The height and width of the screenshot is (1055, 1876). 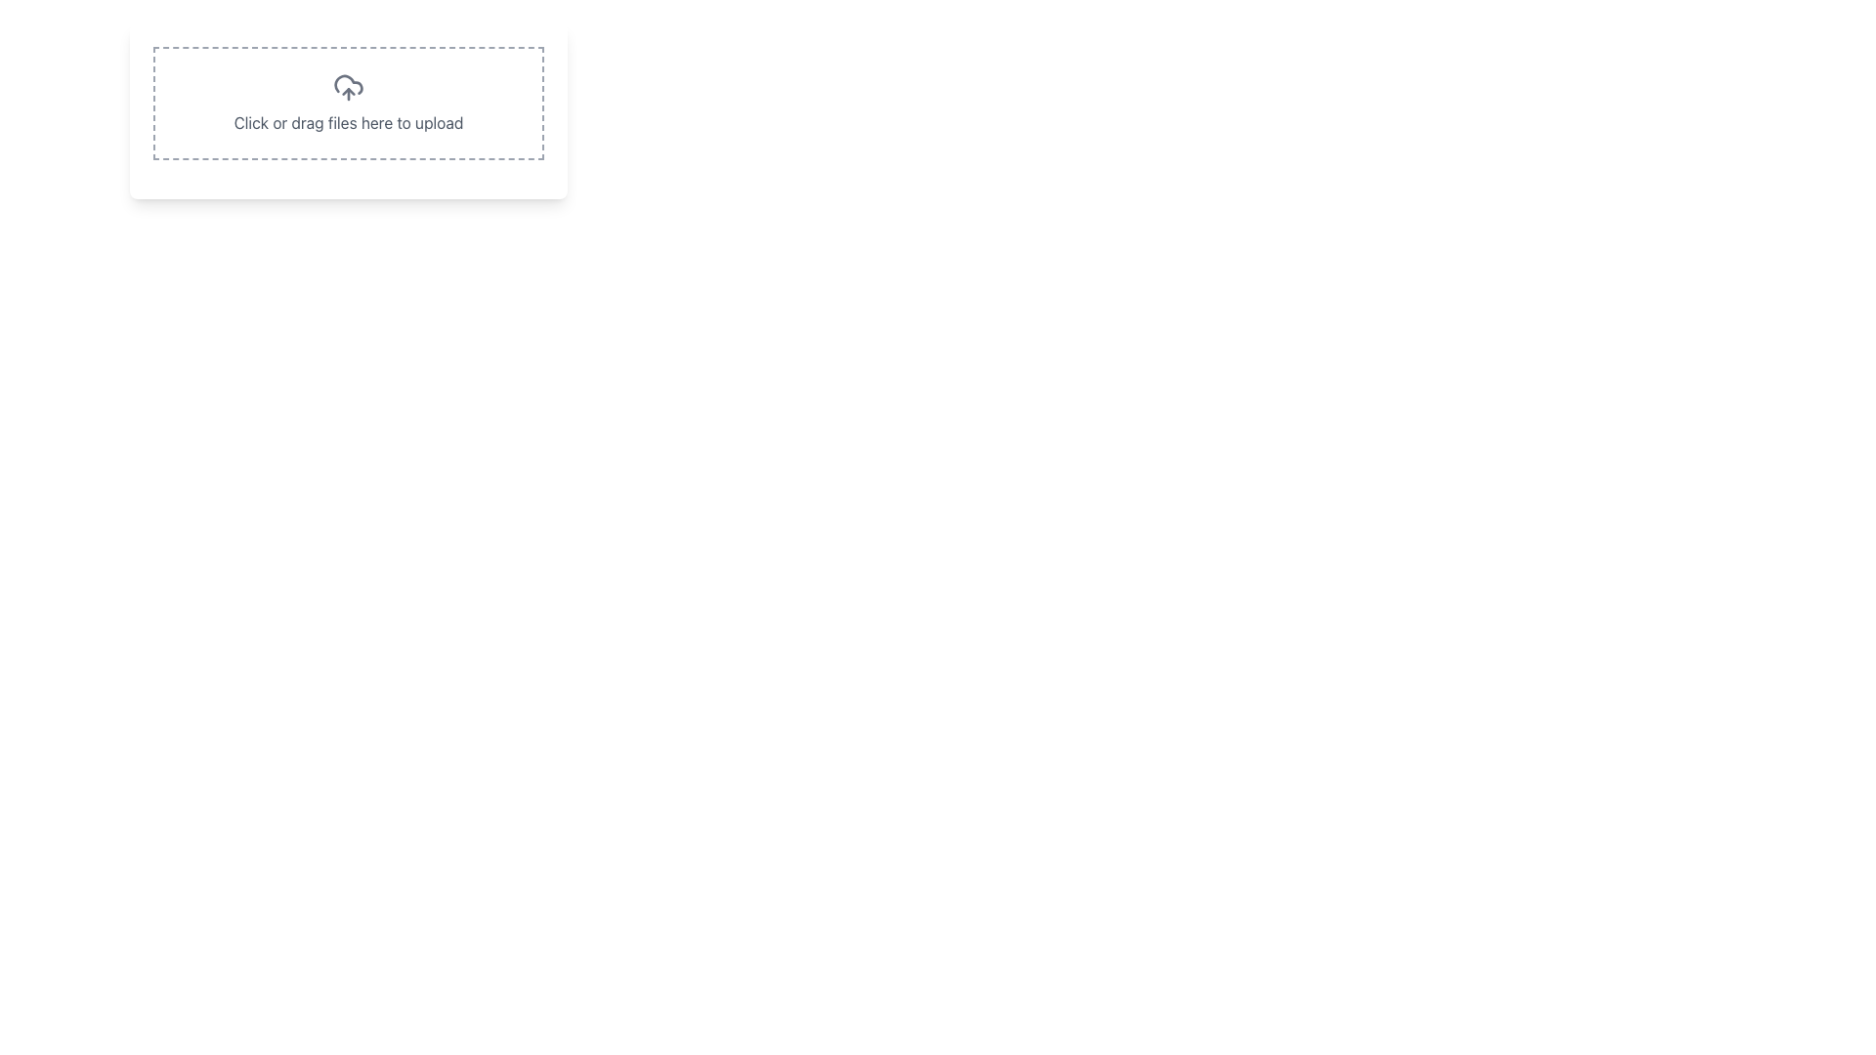 I want to click on the cloud icon with an upwards arrow, which is styled in gray and located above the text prompt 'Click or drag files here to upload', so click(x=348, y=86).